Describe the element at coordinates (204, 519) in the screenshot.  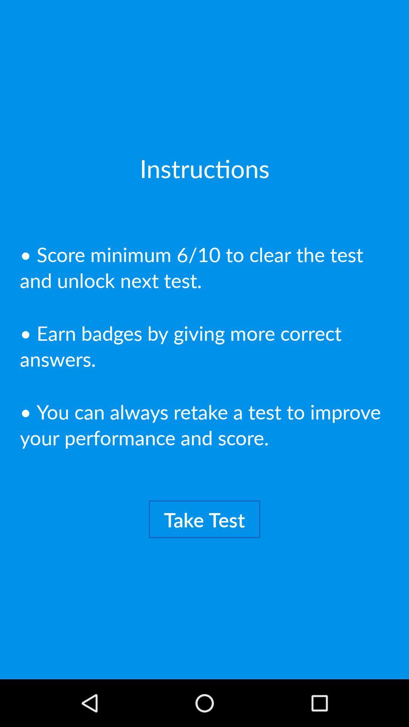
I see `take test` at that location.